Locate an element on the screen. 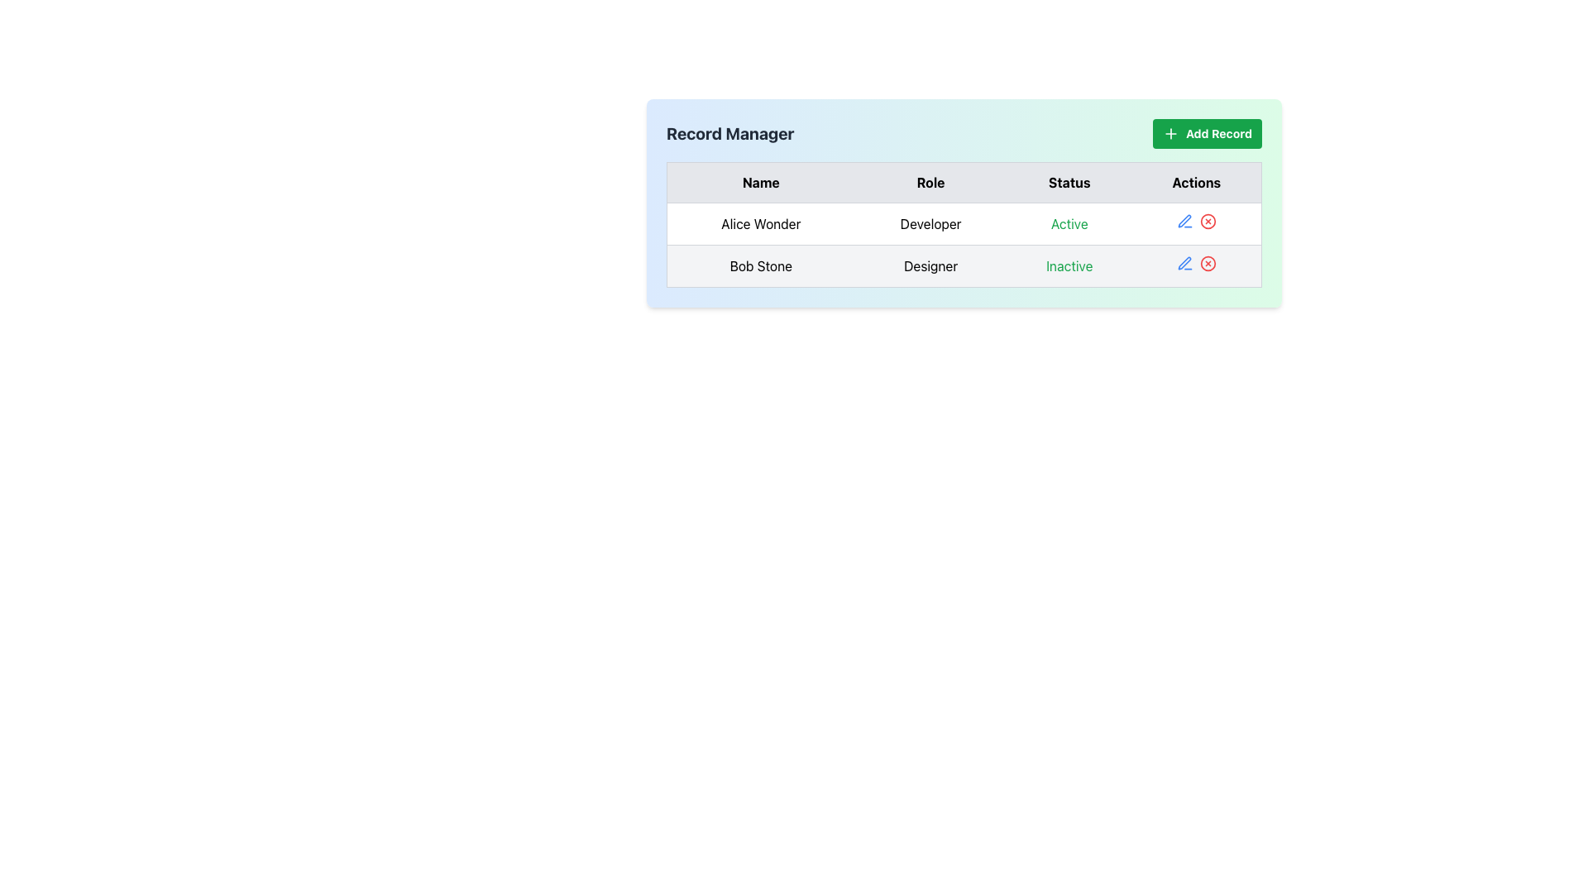 The width and height of the screenshot is (1588, 893). the text label element that indicates the status 'Active' for the user 'Alice Wonder', located in the 'Status' column of the table is located at coordinates (1069, 223).